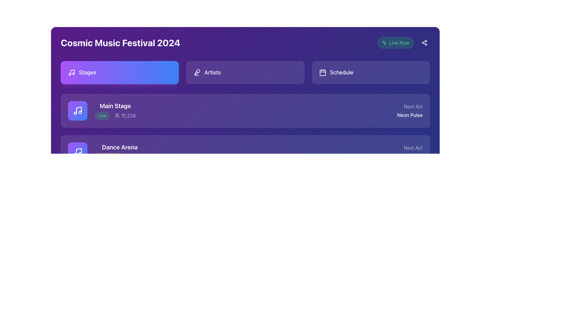 This screenshot has height=328, width=583. Describe the element at coordinates (102, 116) in the screenshot. I see `the badge indicating the live status of the associated stage in the upper-left section of the 'Main Stage' content block` at that location.